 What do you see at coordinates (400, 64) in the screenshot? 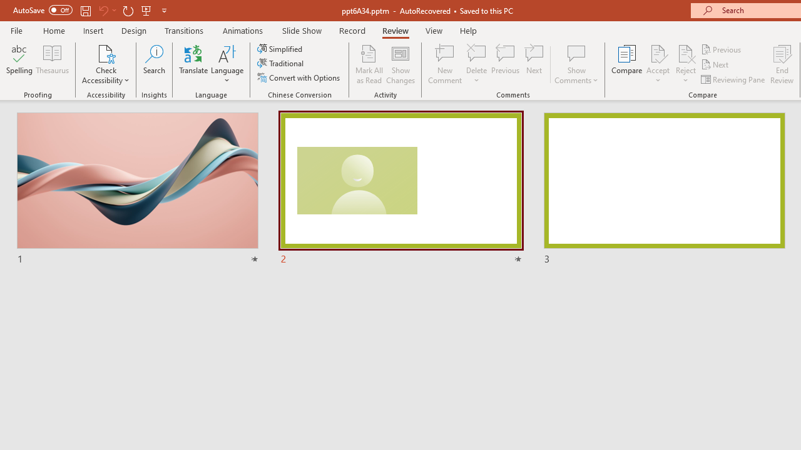
I see `'Show Changes'` at bounding box center [400, 64].